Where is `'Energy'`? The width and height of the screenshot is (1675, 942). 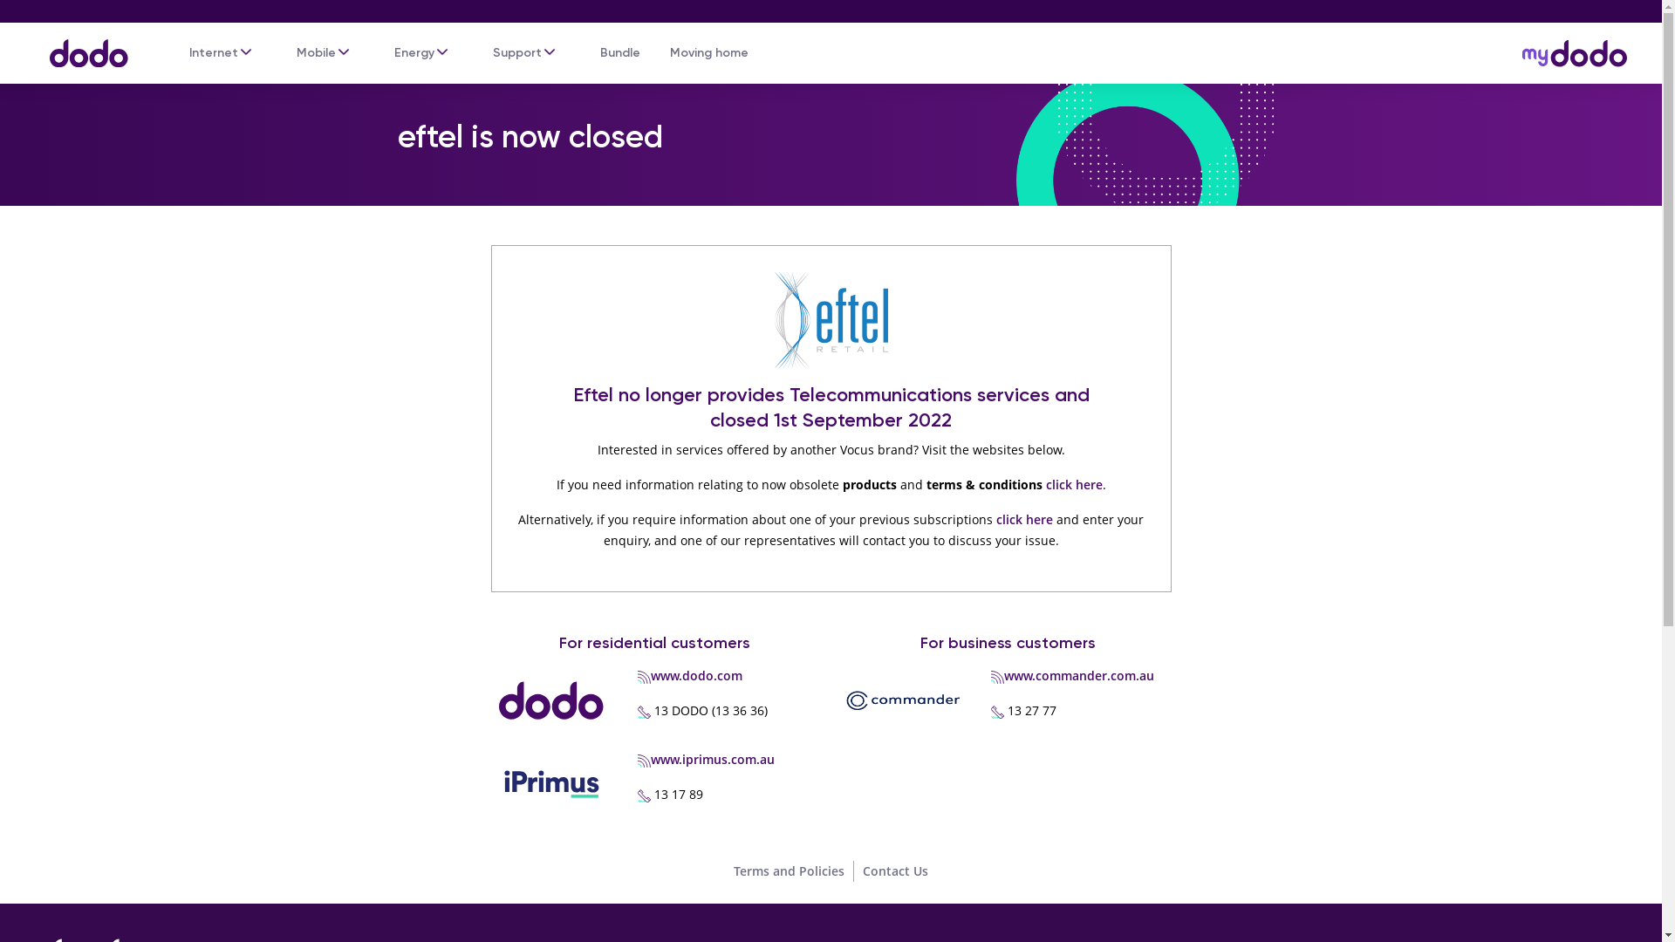 'Energy' is located at coordinates (414, 52).